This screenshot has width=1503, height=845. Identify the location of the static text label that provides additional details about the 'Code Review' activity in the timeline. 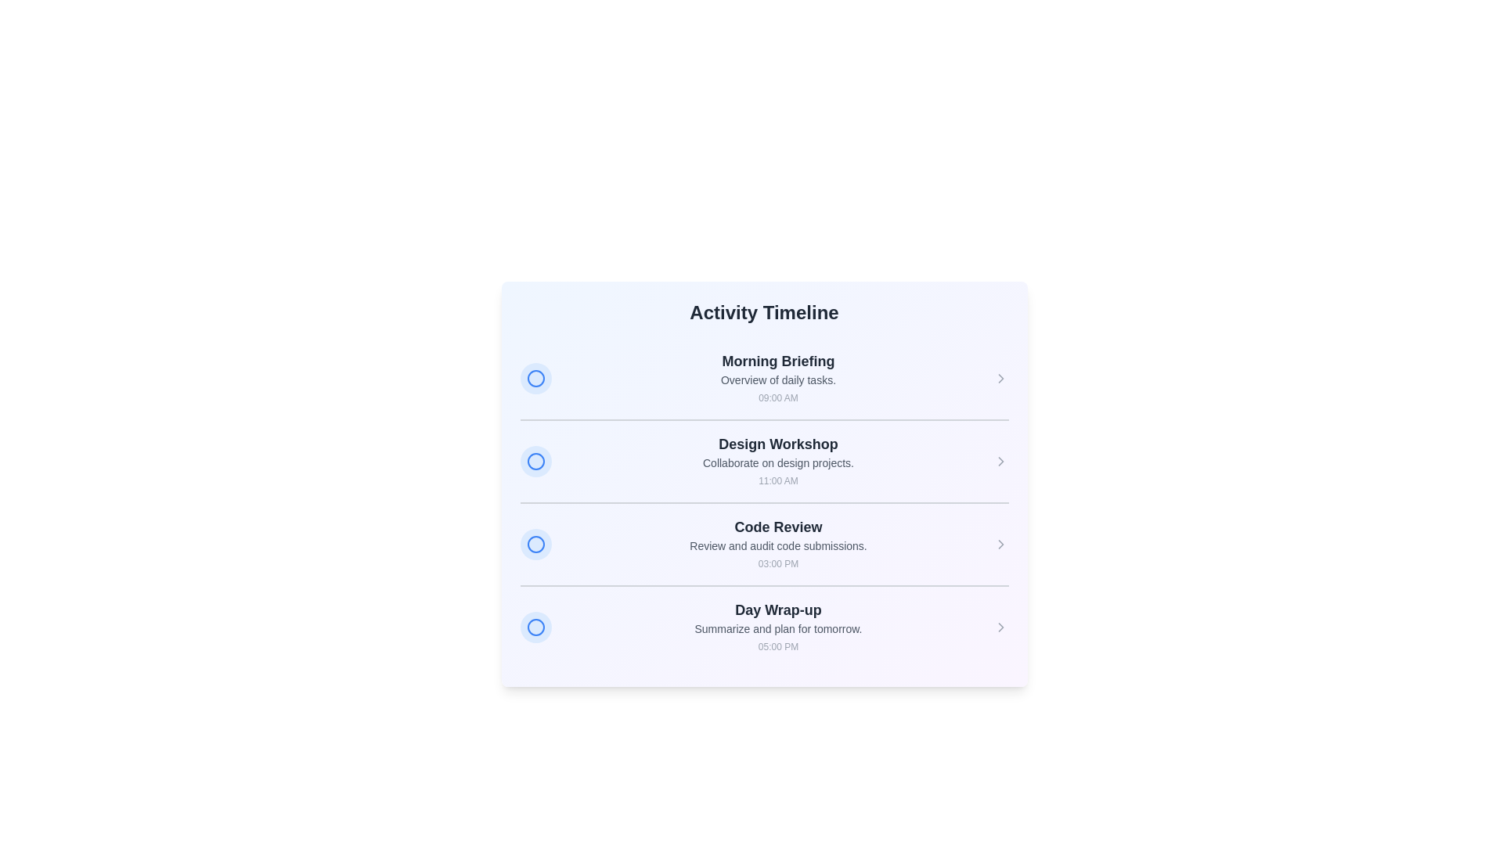
(778, 545).